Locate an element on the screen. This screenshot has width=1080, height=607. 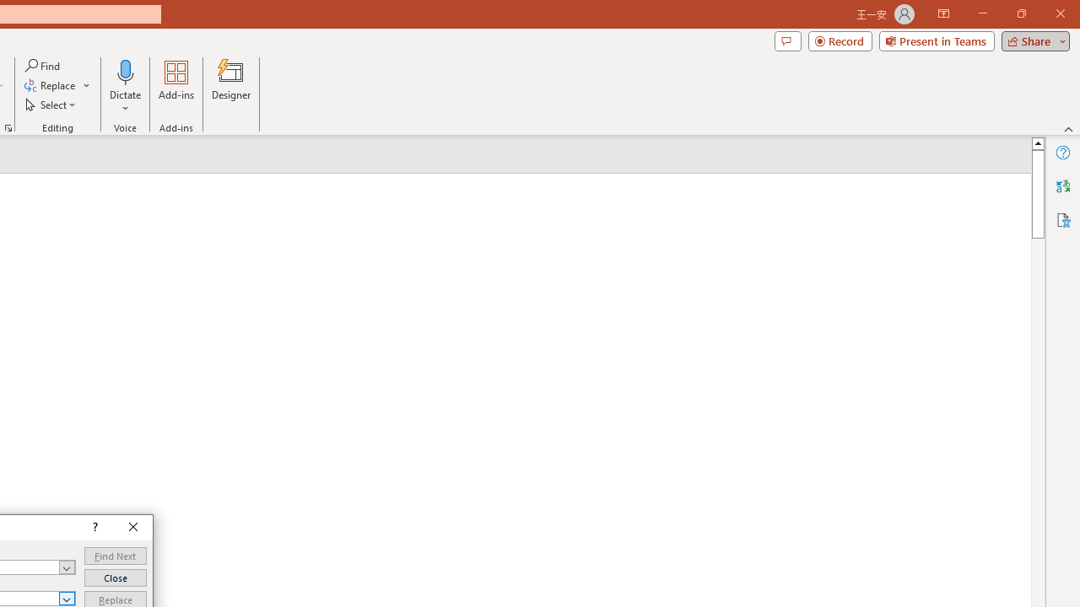
'Context help' is located at coordinates (93, 527).